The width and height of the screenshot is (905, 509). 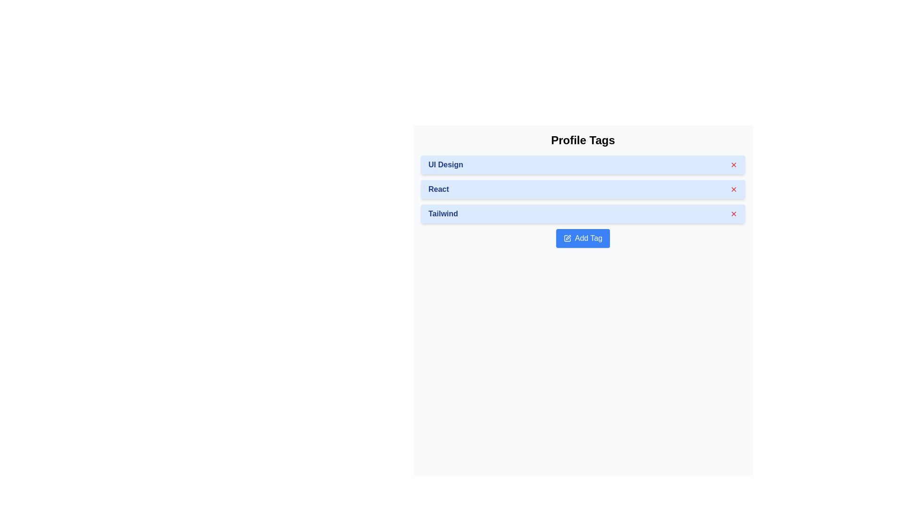 What do you see at coordinates (567, 238) in the screenshot?
I see `the pen icon on the left side of the 'Add Tag' button, which has a blue background and white contour lines` at bounding box center [567, 238].